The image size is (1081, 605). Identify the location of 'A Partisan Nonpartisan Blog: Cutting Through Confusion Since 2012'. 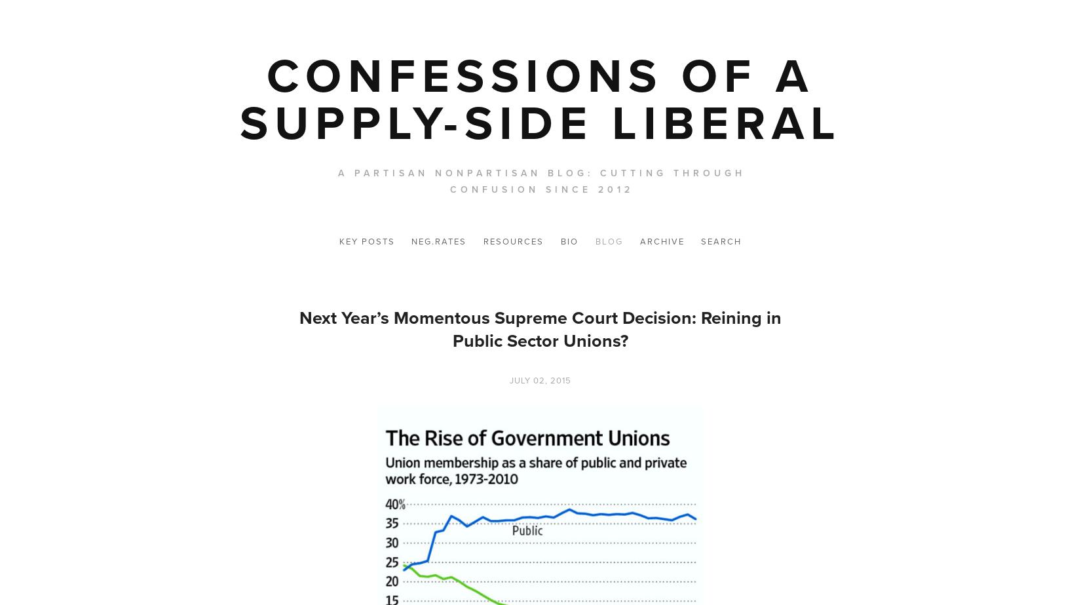
(540, 181).